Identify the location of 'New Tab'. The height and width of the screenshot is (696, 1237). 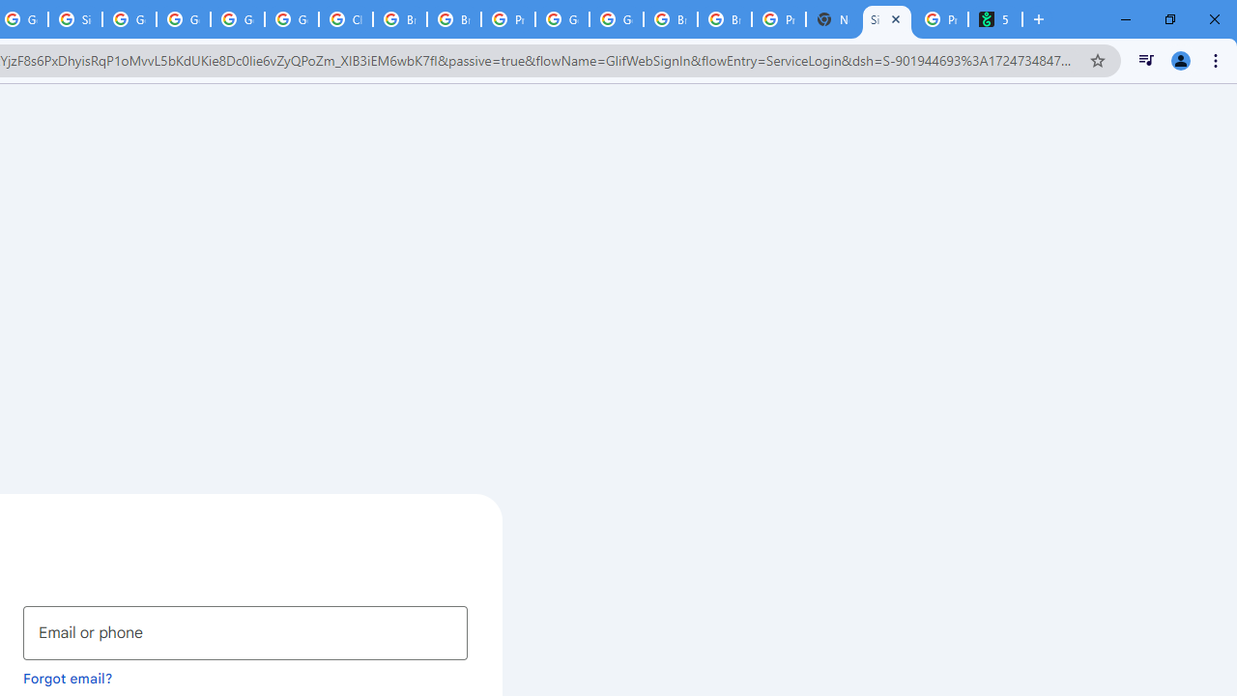
(833, 19).